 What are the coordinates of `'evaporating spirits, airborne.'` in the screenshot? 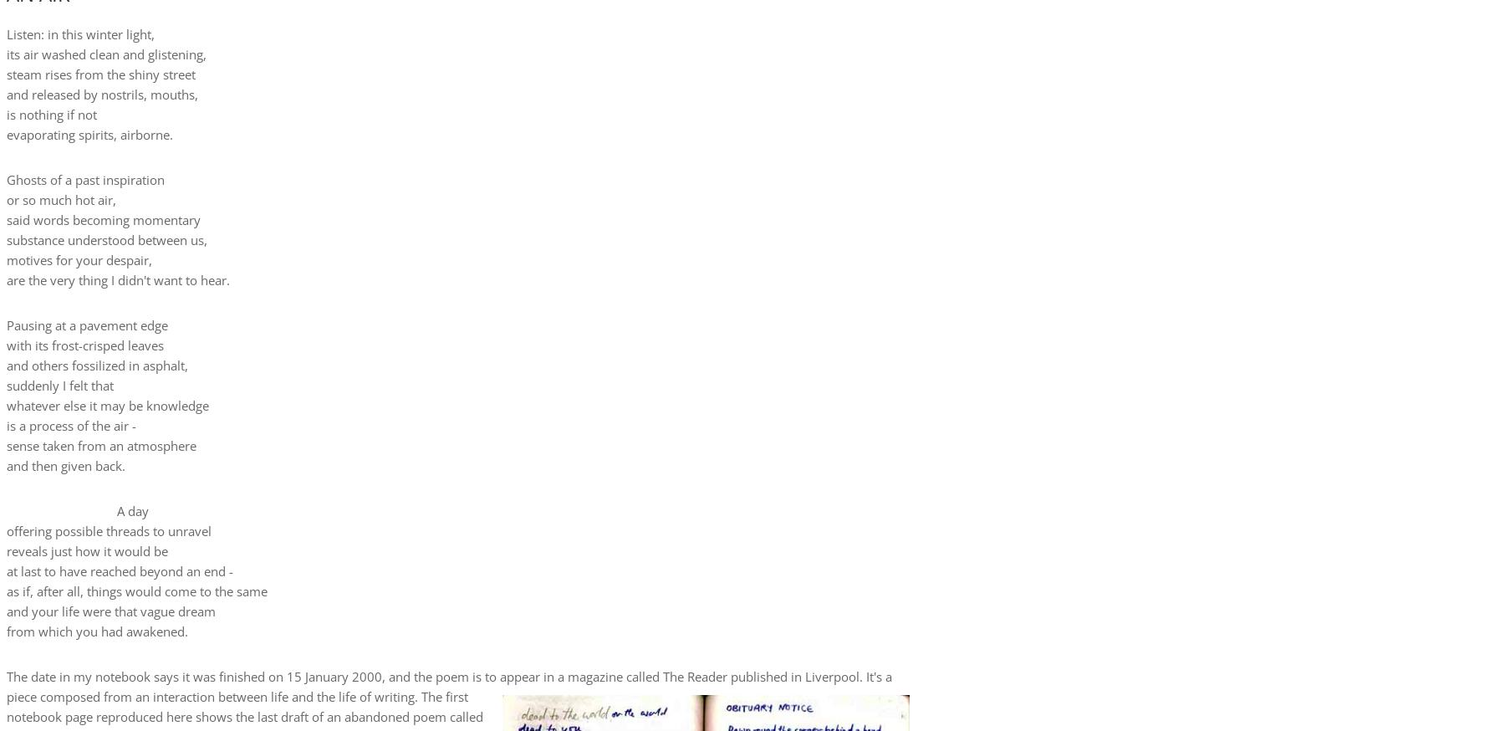 It's located at (5, 133).